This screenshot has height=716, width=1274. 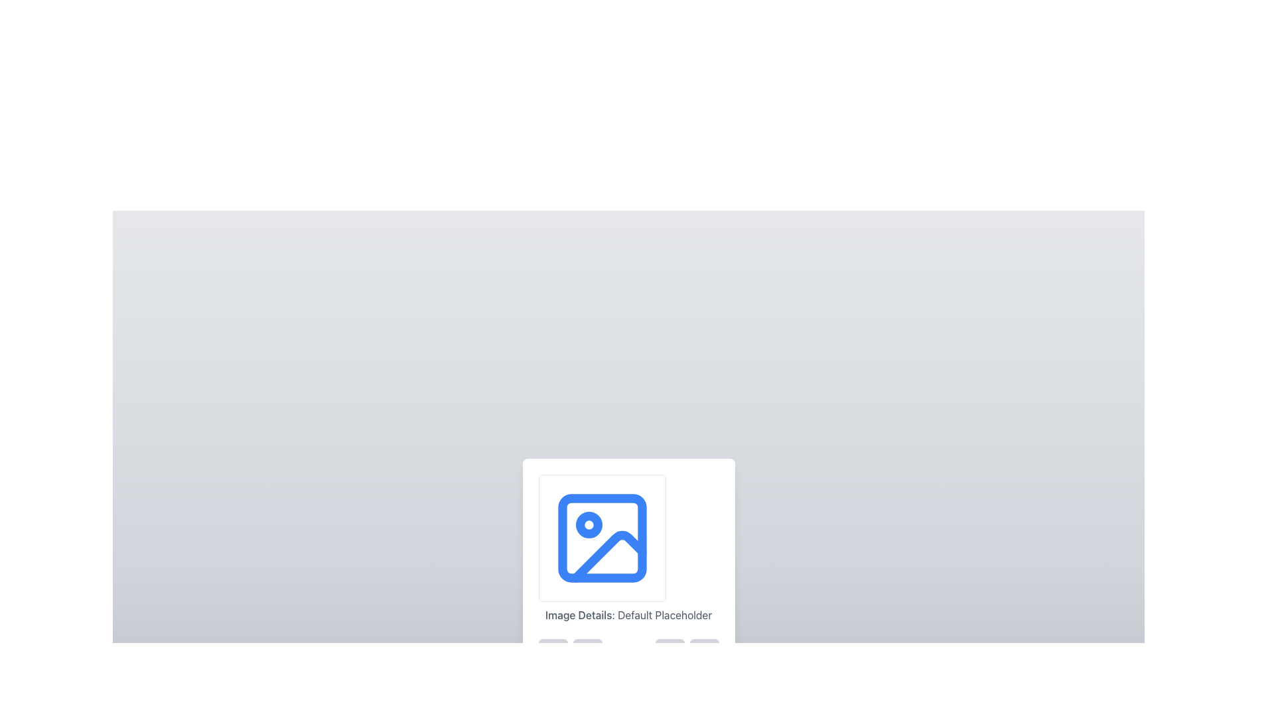 What do you see at coordinates (579, 615) in the screenshot?
I see `the 'Image Details' text label` at bounding box center [579, 615].